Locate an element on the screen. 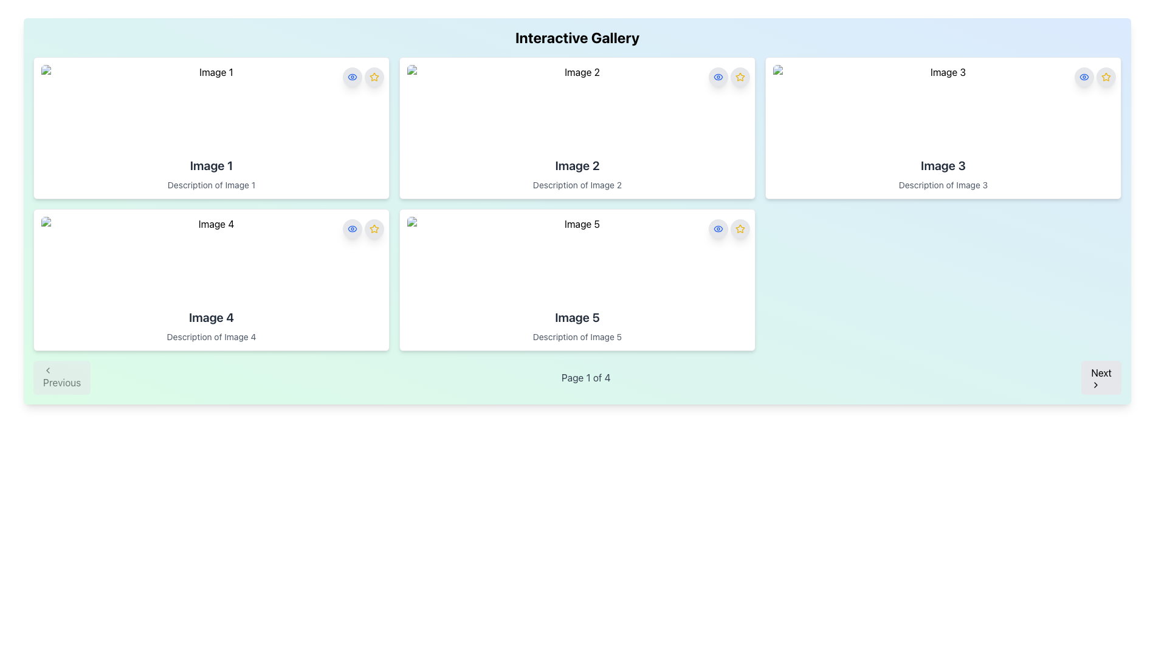 This screenshot has width=1167, height=656. the left circular icon with a blue eye located in the top-right corner of the card labeled 'Image 2' is located at coordinates (729, 77).